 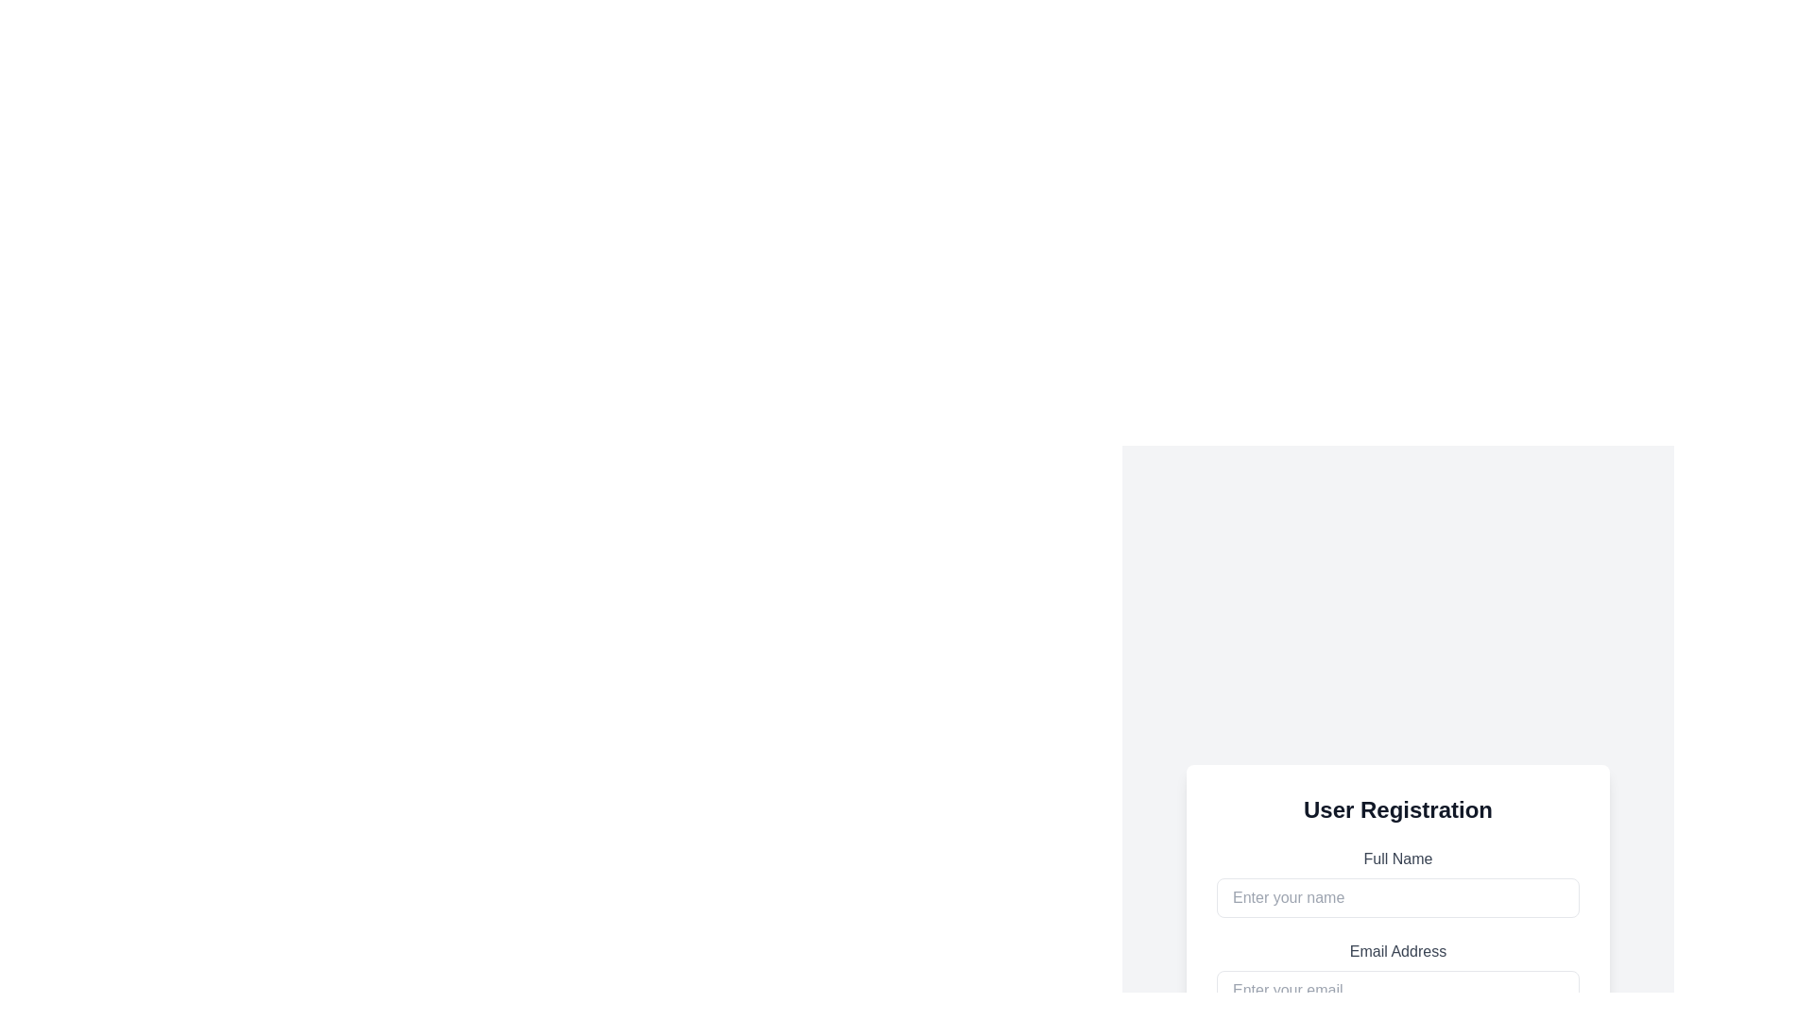 I want to click on the 'Full Name' text label element, which is a gray sans-serif font label above the input field in the user registration form, so click(x=1397, y=859).